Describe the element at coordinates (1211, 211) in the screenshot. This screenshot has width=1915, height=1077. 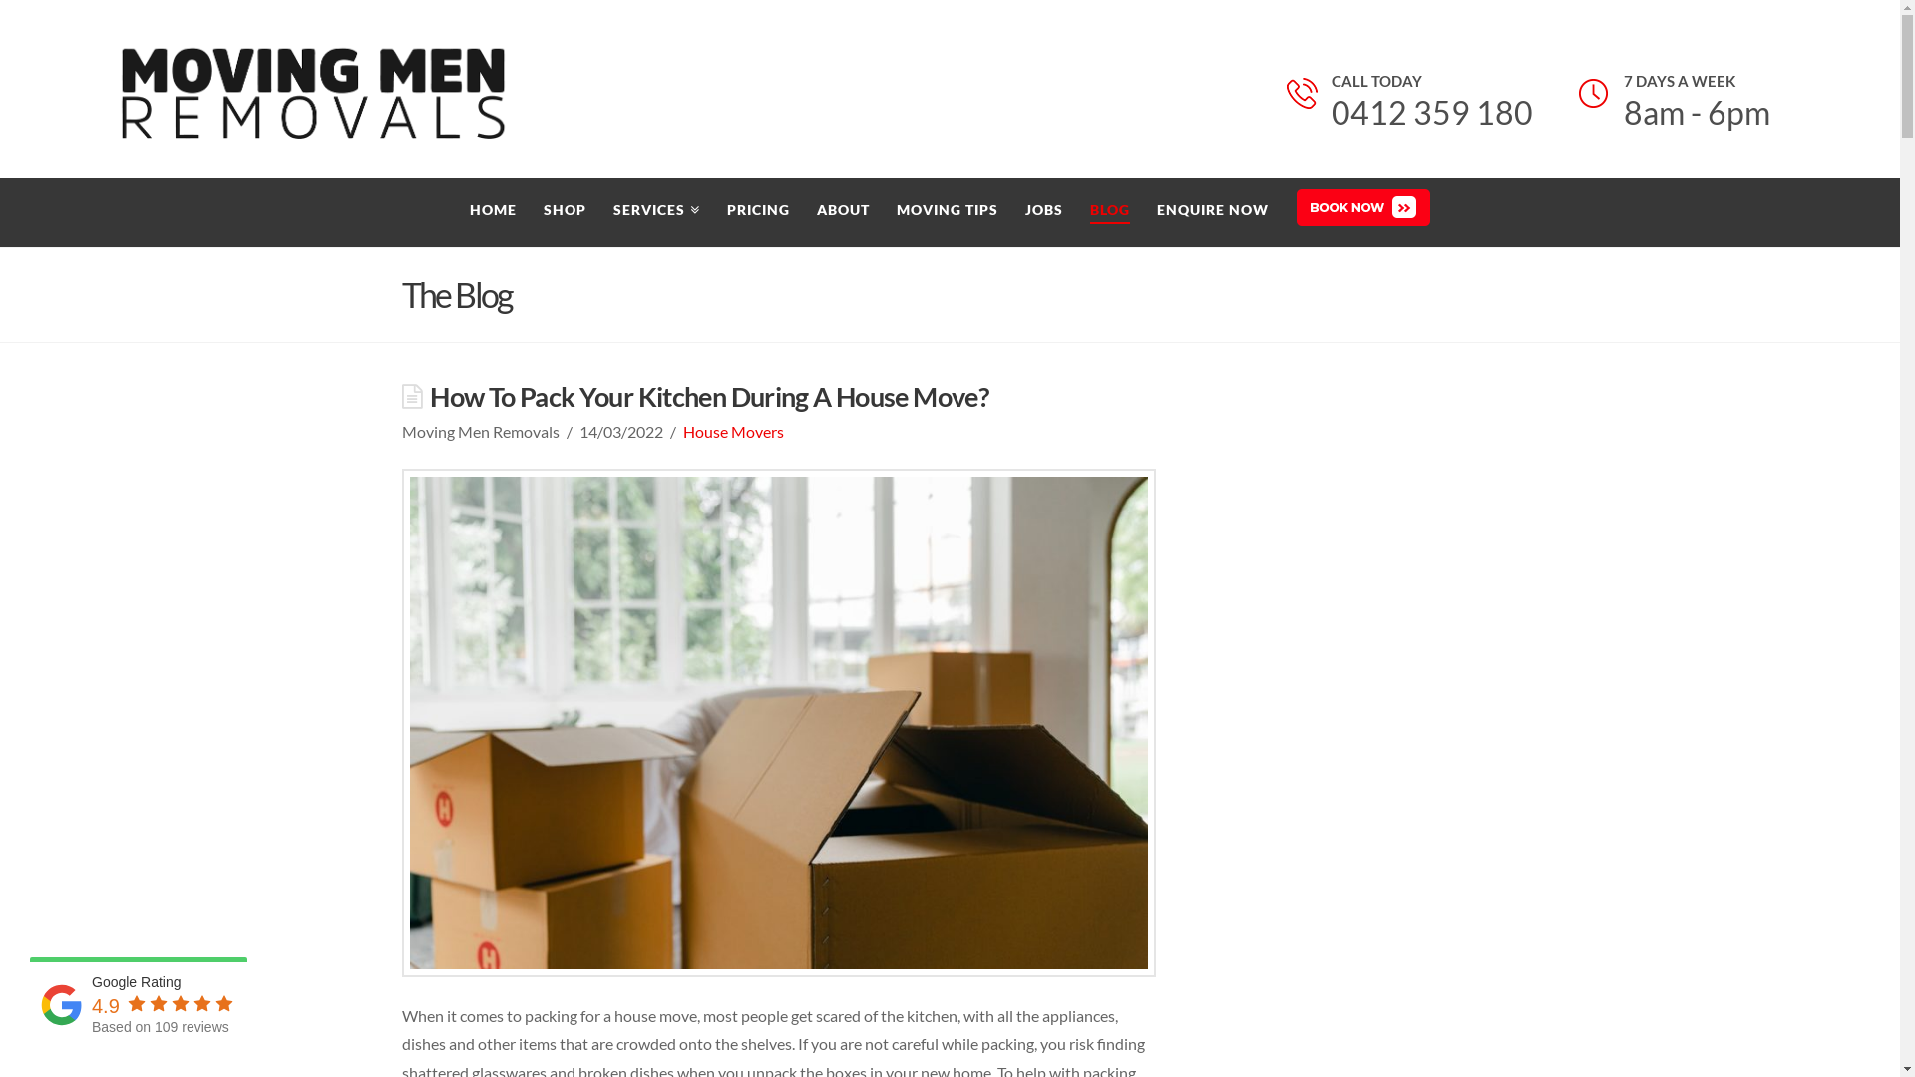
I see `'ENQUIRE NOW'` at that location.